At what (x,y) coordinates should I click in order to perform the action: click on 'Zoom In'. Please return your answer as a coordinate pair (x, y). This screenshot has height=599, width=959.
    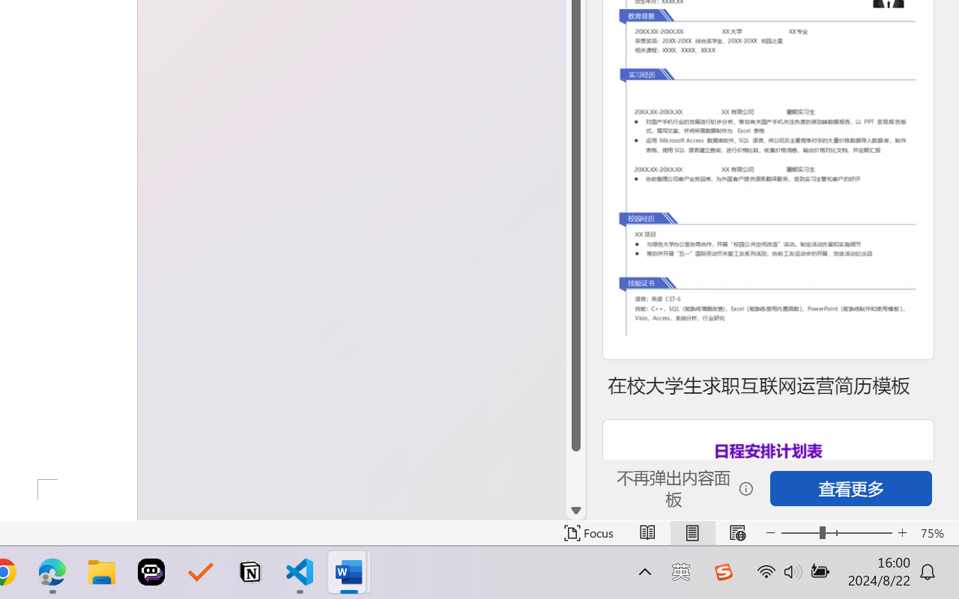
    Looking at the image, I should click on (902, 532).